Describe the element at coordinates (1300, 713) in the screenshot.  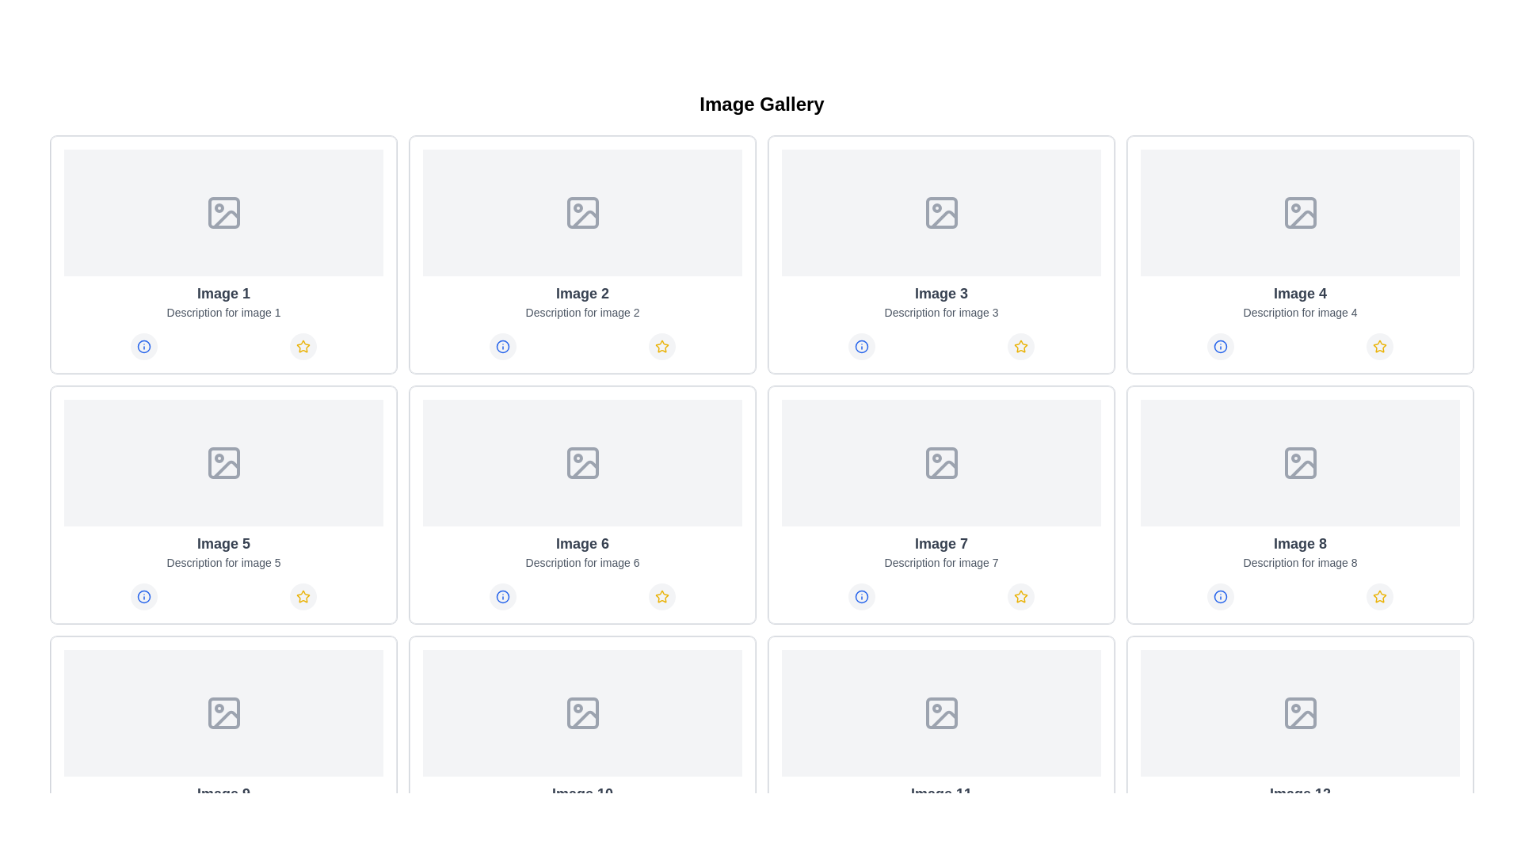
I see `the Placeholder Icon representing the image upload location for Image 13 in the grid layout` at that location.